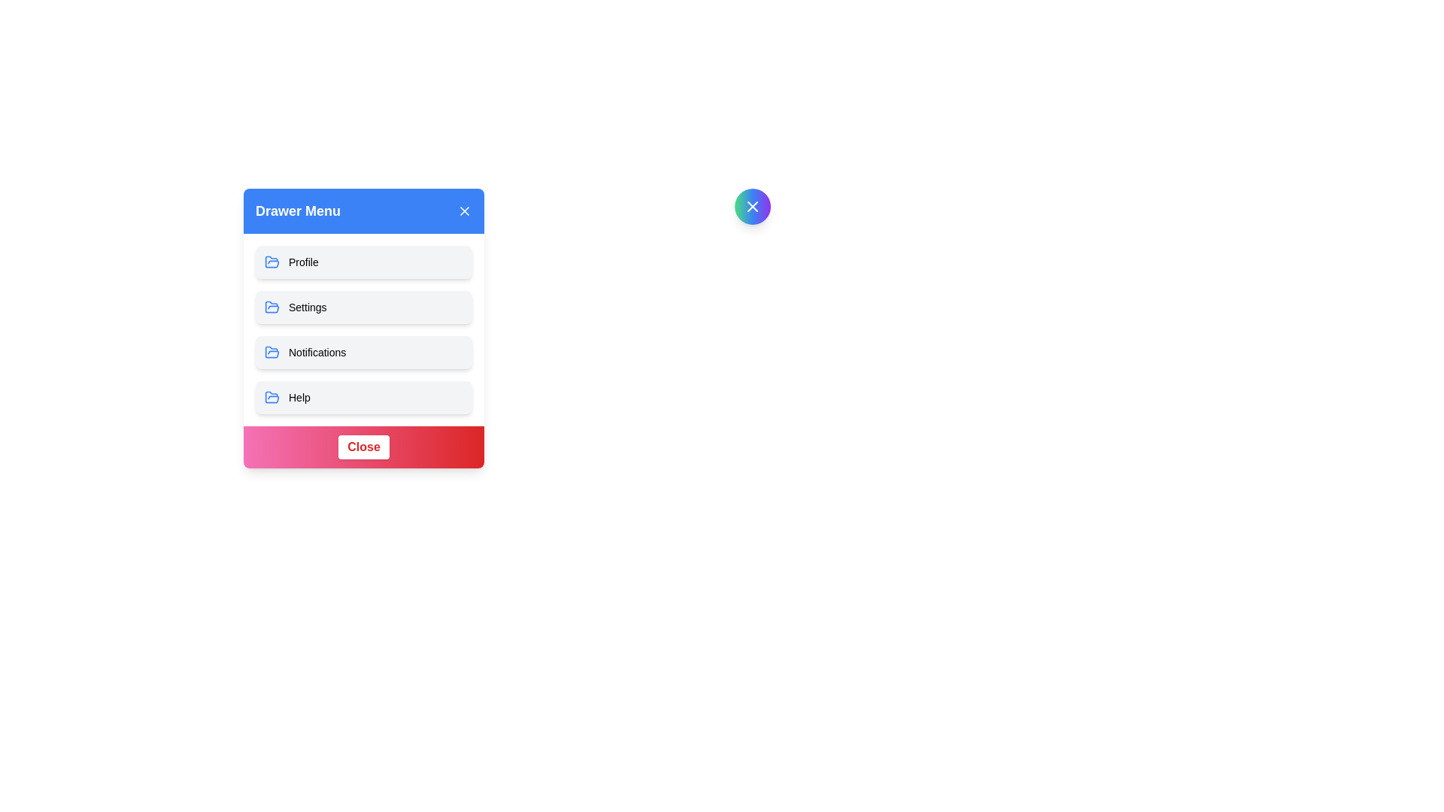 This screenshot has width=1444, height=812. What do you see at coordinates (272, 306) in the screenshot?
I see `the small folder icon with a blue outline located to the left of the 'Settings' text label in the 'Drawer Menu'` at bounding box center [272, 306].